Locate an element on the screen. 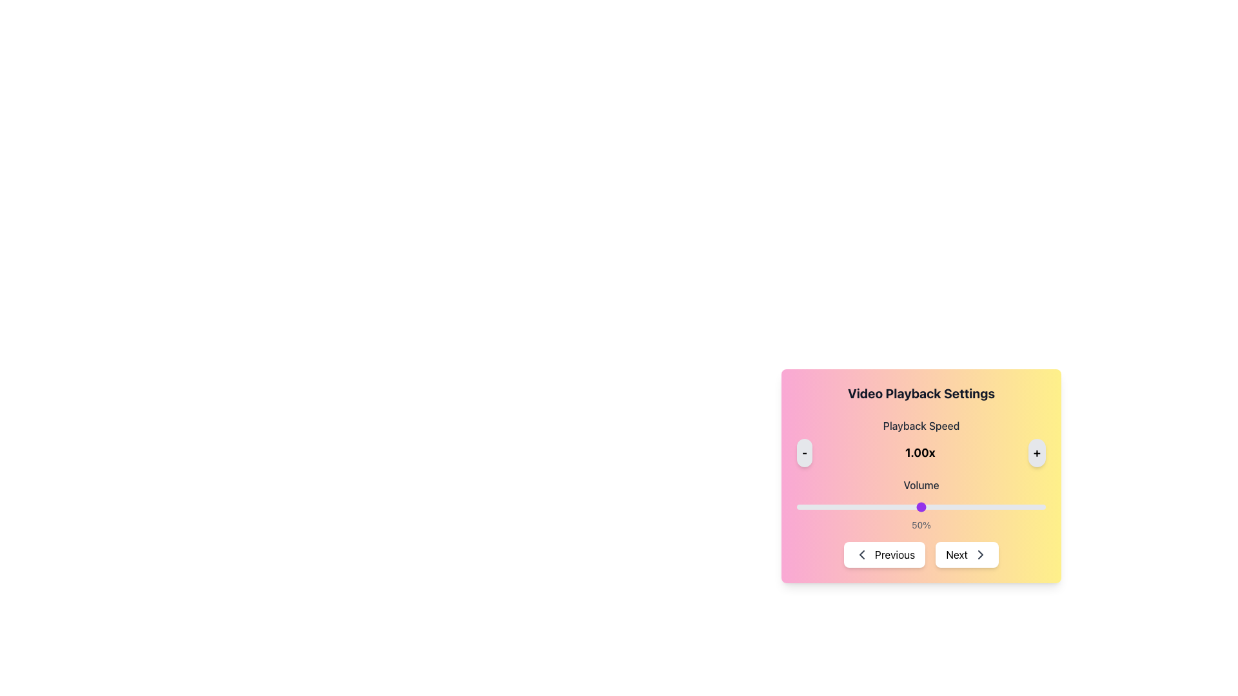  the volume slider is located at coordinates (844, 506).